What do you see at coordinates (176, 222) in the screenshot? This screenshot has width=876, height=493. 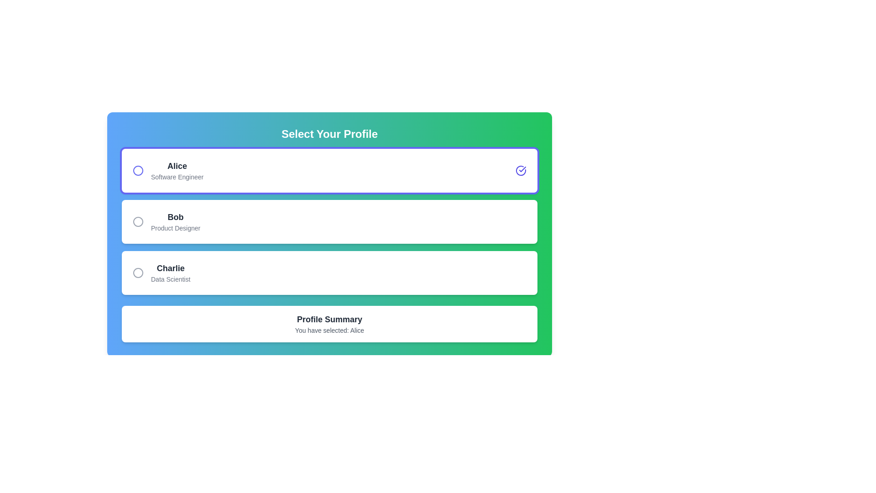 I see `the text label displaying 'Bob' and 'Product Designer', which is the second selectable profile option in the interface, located below the 'Alice' profile and above the 'Charlie' profile` at bounding box center [176, 222].